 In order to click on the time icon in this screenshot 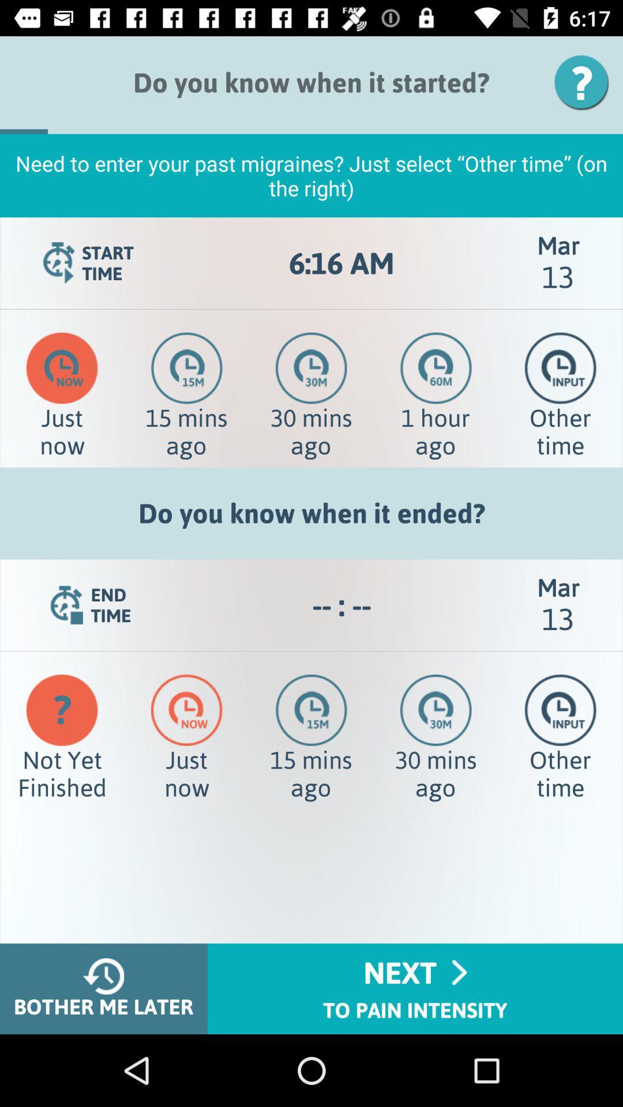, I will do `click(560, 709)`.